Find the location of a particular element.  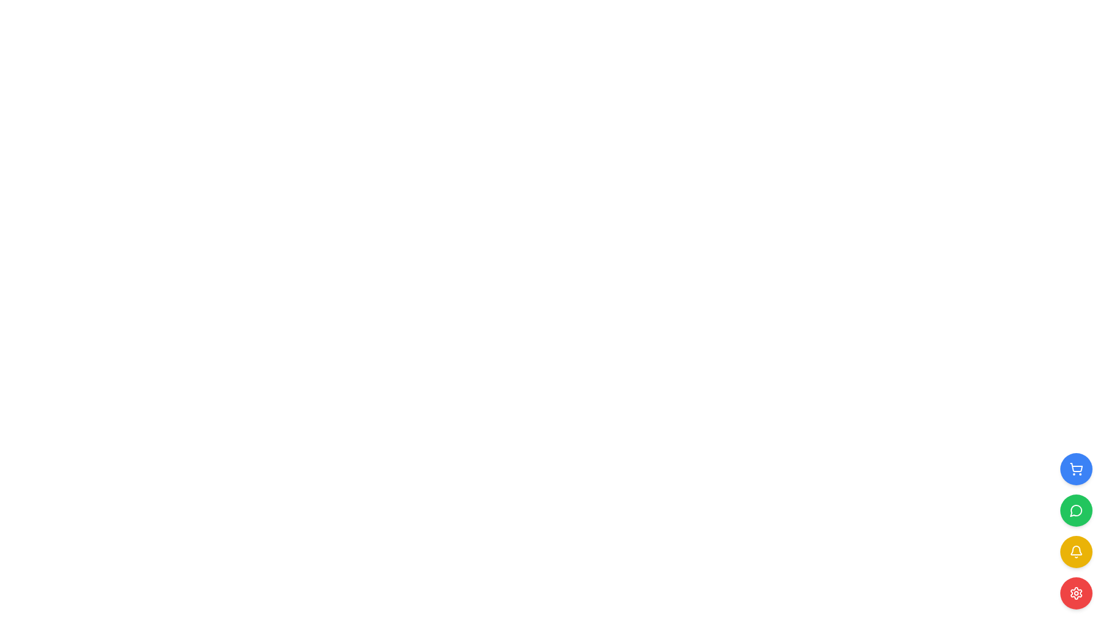

the green circular button containing a white outlined conversation bubble icon in the vertical button menu is located at coordinates (1075, 510).